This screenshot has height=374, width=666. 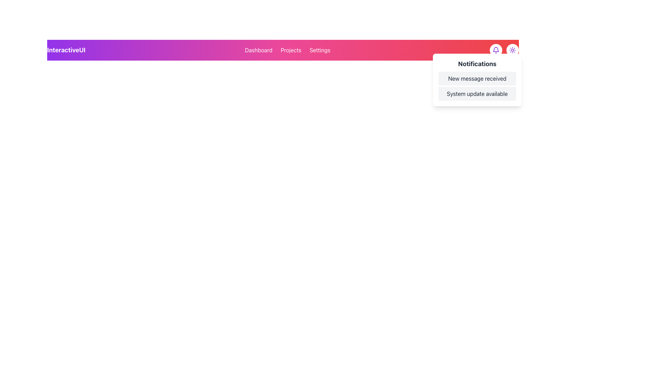 I want to click on the navigation bar located at the top of the viewport, which features a gradient background and includes menu items like 'Dashboard', 'Projects', and 'Settings', so click(x=283, y=50).